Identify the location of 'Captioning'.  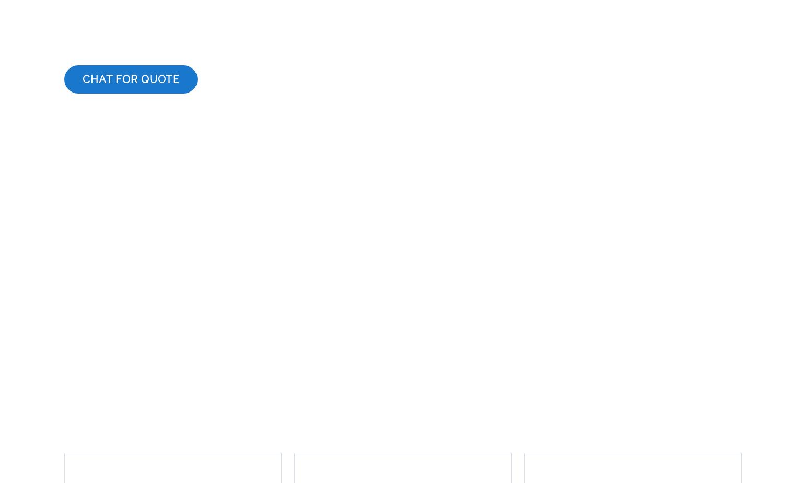
(93, 444).